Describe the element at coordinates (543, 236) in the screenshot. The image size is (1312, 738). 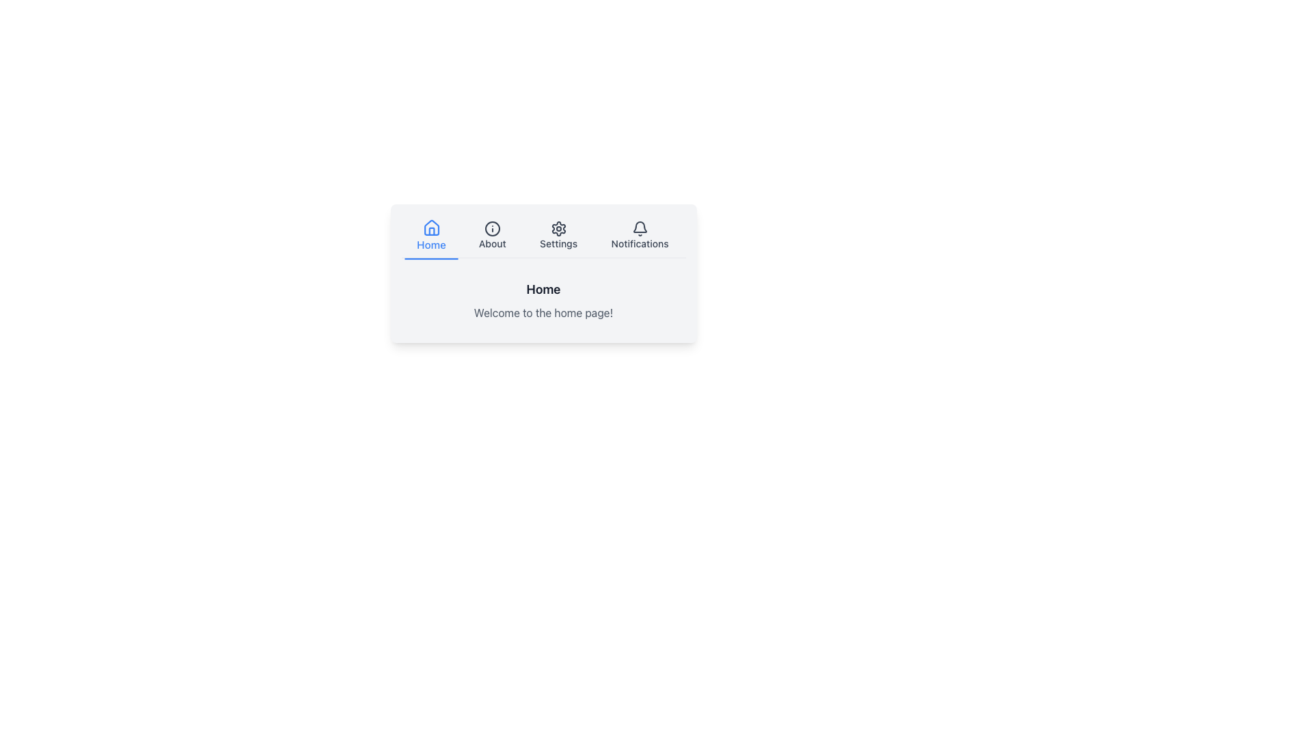
I see `the 'Settings' button, which is the third button in a horizontal navigation bar containing icons and labels` at that location.